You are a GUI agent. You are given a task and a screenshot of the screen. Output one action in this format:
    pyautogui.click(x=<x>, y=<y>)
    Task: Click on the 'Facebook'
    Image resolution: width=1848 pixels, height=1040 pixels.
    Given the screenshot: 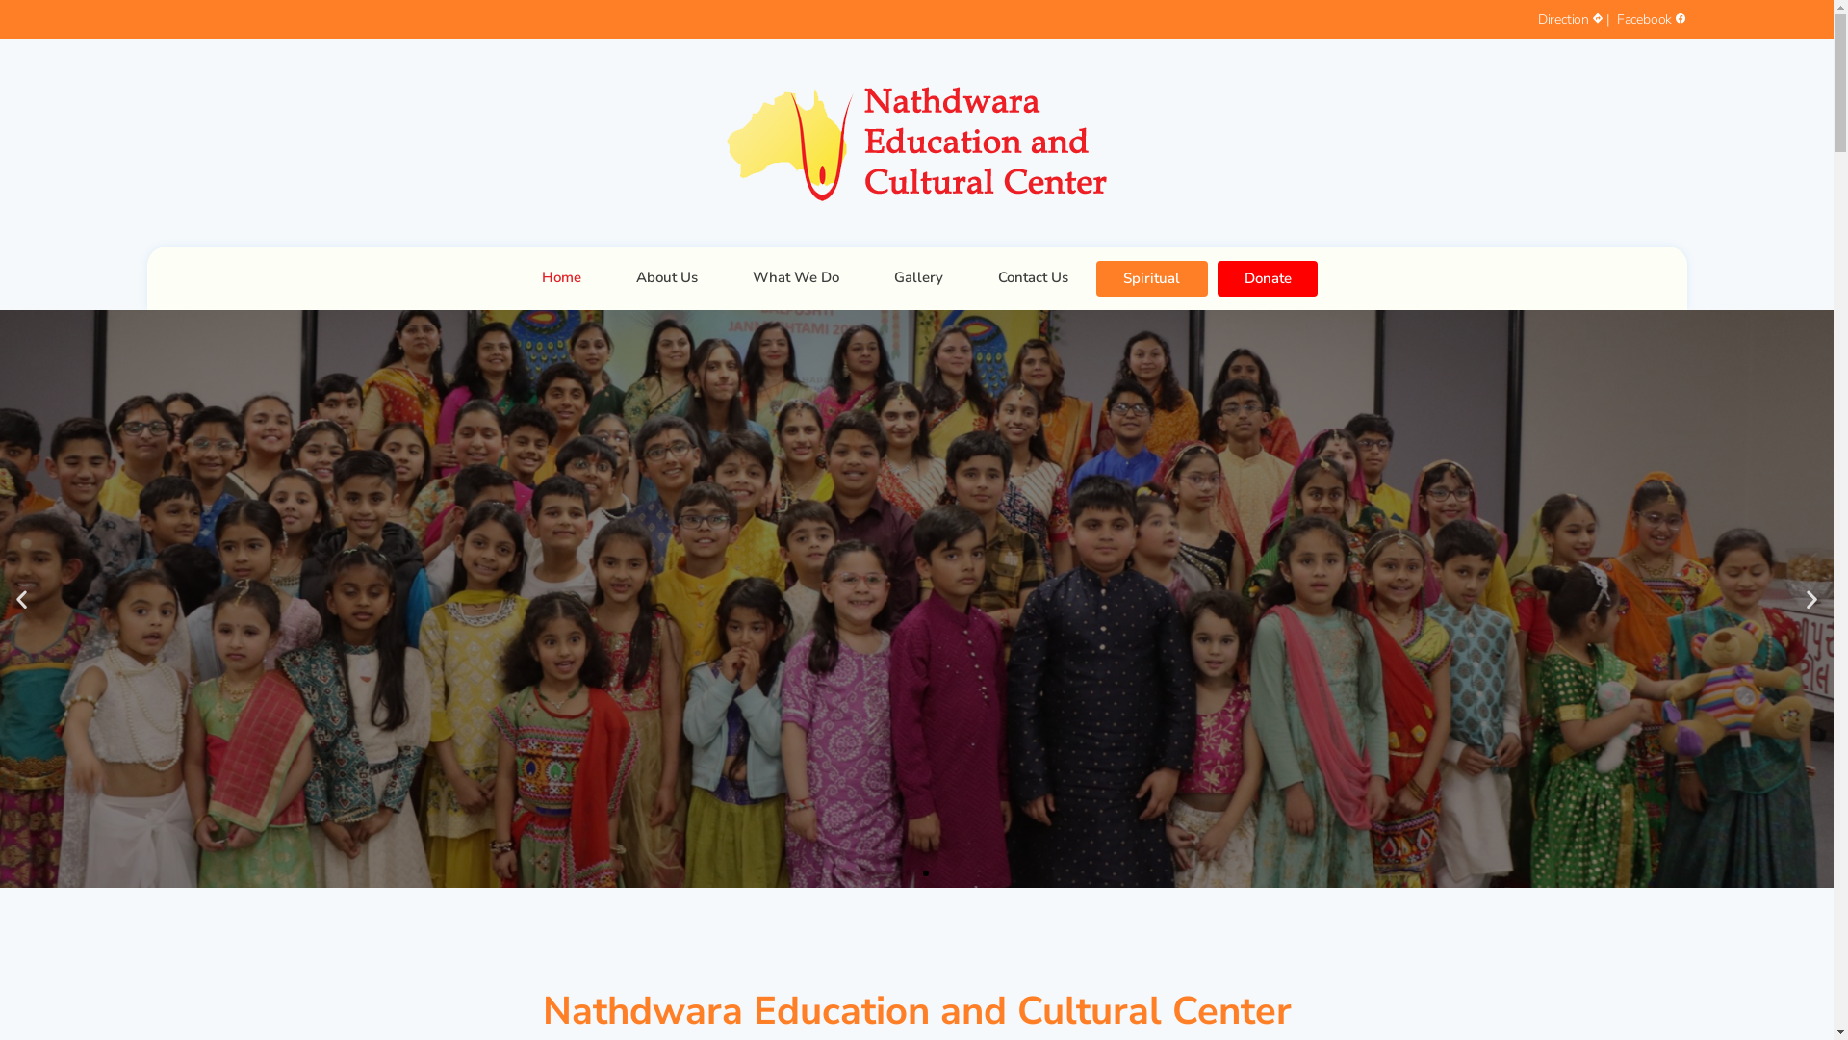 What is the action you would take?
    pyautogui.click(x=1648, y=19)
    